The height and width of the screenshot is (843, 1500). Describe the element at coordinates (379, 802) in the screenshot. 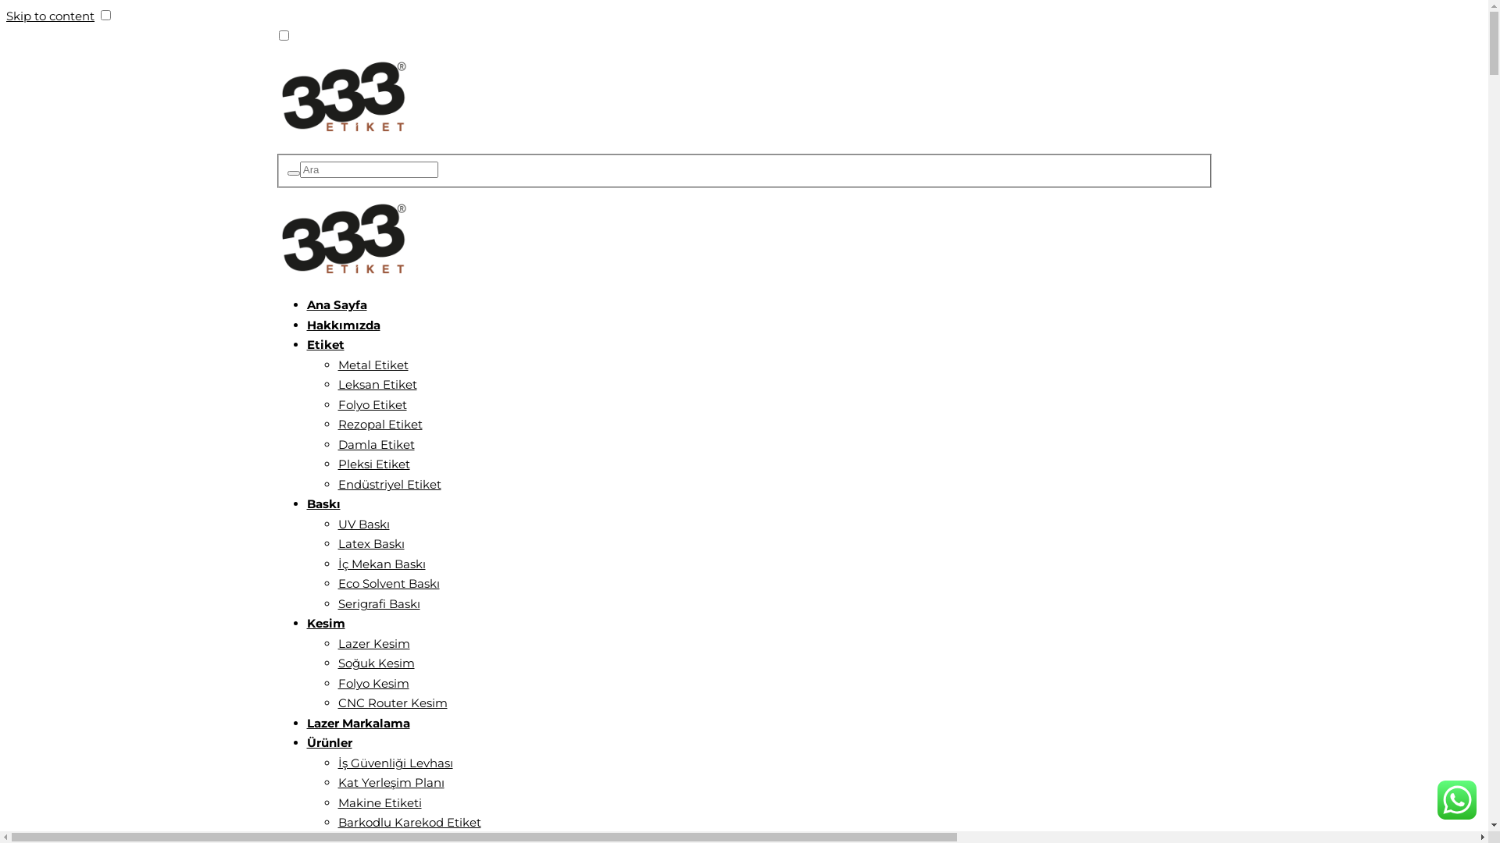

I see `'Makine Etiketi'` at that location.